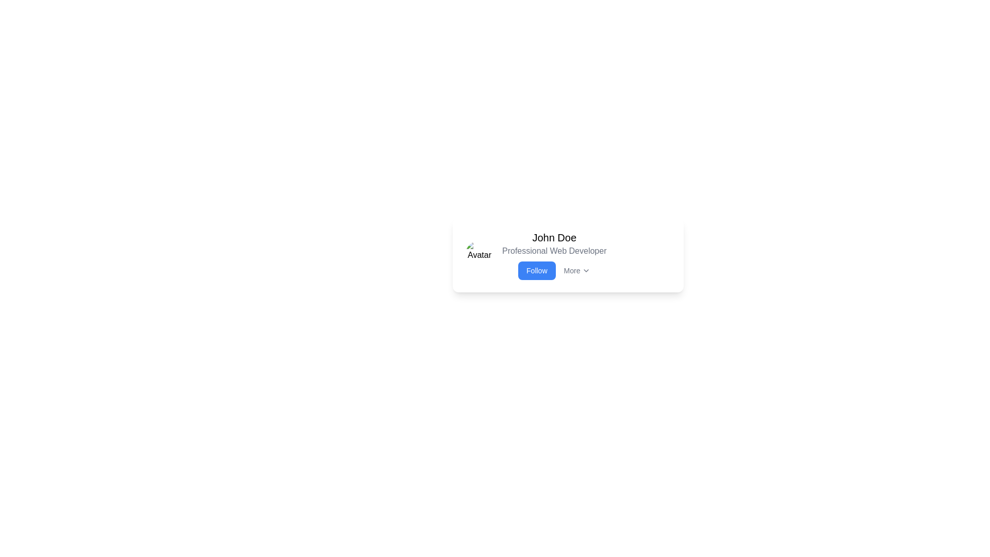  I want to click on the icon located immediately to the right of the 'More' label in the bottom right corner of the profile card layout, so click(586, 270).